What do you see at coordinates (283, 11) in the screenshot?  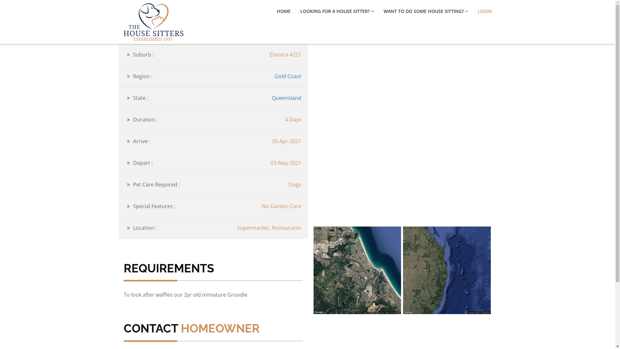 I see `'HOME'` at bounding box center [283, 11].